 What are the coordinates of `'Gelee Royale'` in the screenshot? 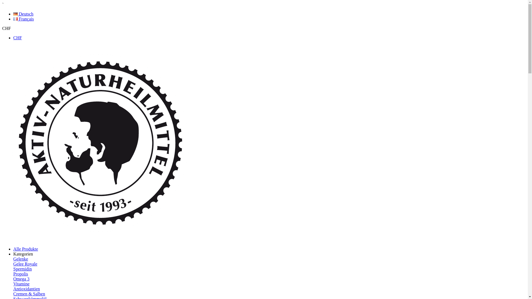 It's located at (25, 264).